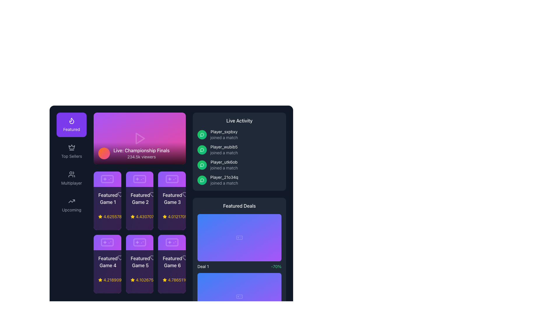  What do you see at coordinates (150, 280) in the screenshot?
I see `the Text Label located at the bottom right of the card labeled 'Featured Game 5' in the featured games grid` at bounding box center [150, 280].